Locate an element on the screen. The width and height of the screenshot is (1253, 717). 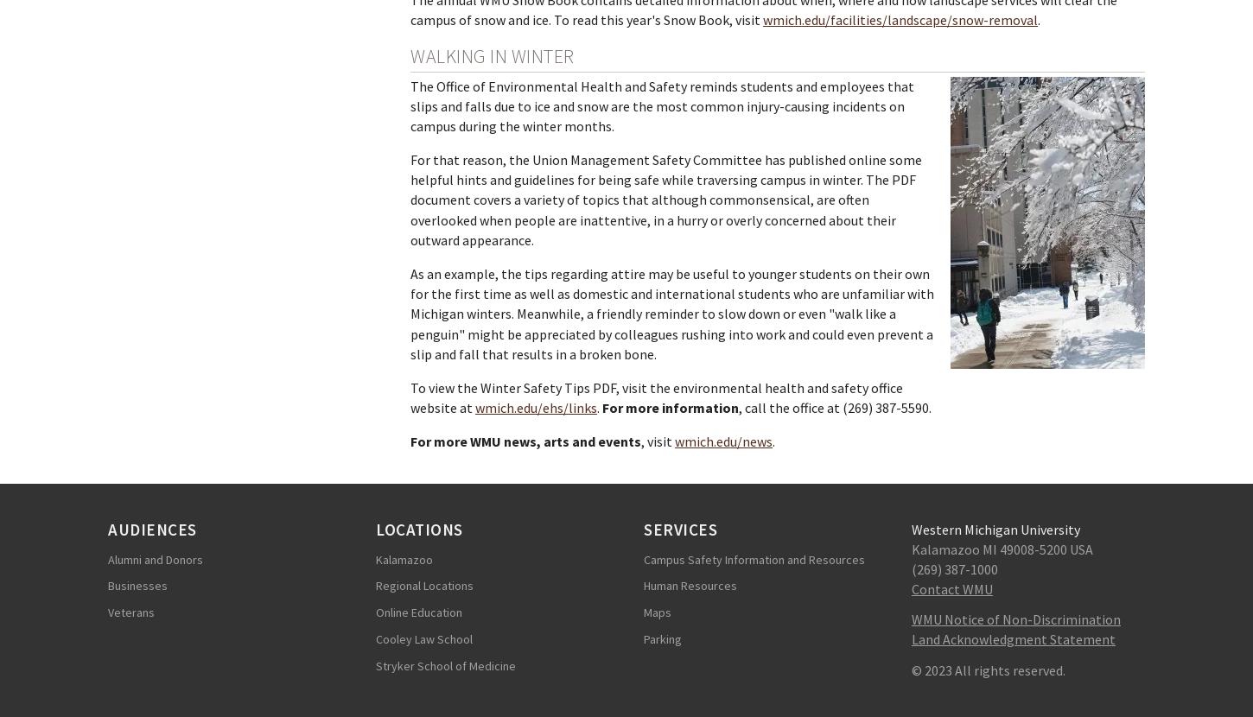
'The Office of Environmental Health and Safety reminds students and employees that slips and falls due to ice and snow are the most common injury-causing incidents on campus during the winter months.' is located at coordinates (662, 105).